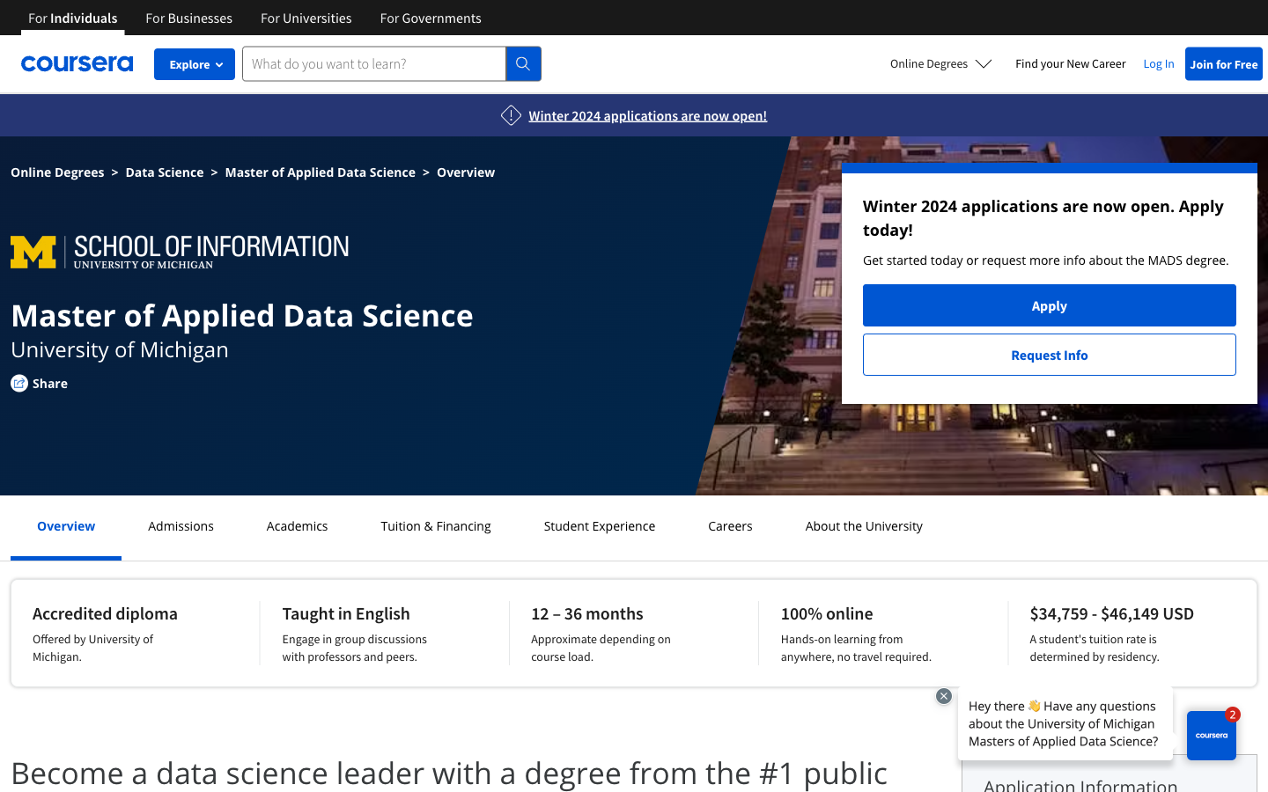 This screenshot has height=792, width=1268. What do you see at coordinates (730, 525) in the screenshot?
I see `Careers section` at bounding box center [730, 525].